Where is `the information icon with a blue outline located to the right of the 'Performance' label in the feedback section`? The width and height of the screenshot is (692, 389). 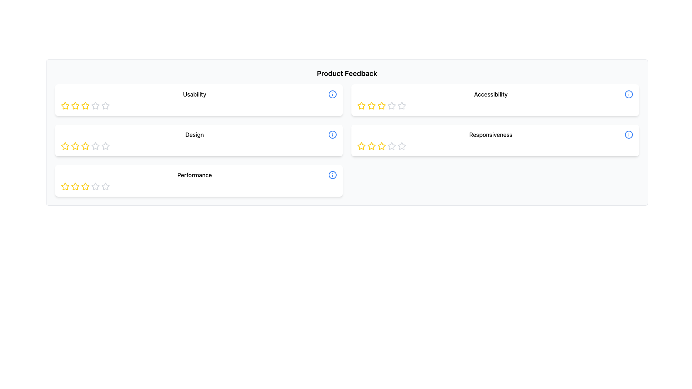 the information icon with a blue outline located to the right of the 'Performance' label in the feedback section is located at coordinates (332, 175).